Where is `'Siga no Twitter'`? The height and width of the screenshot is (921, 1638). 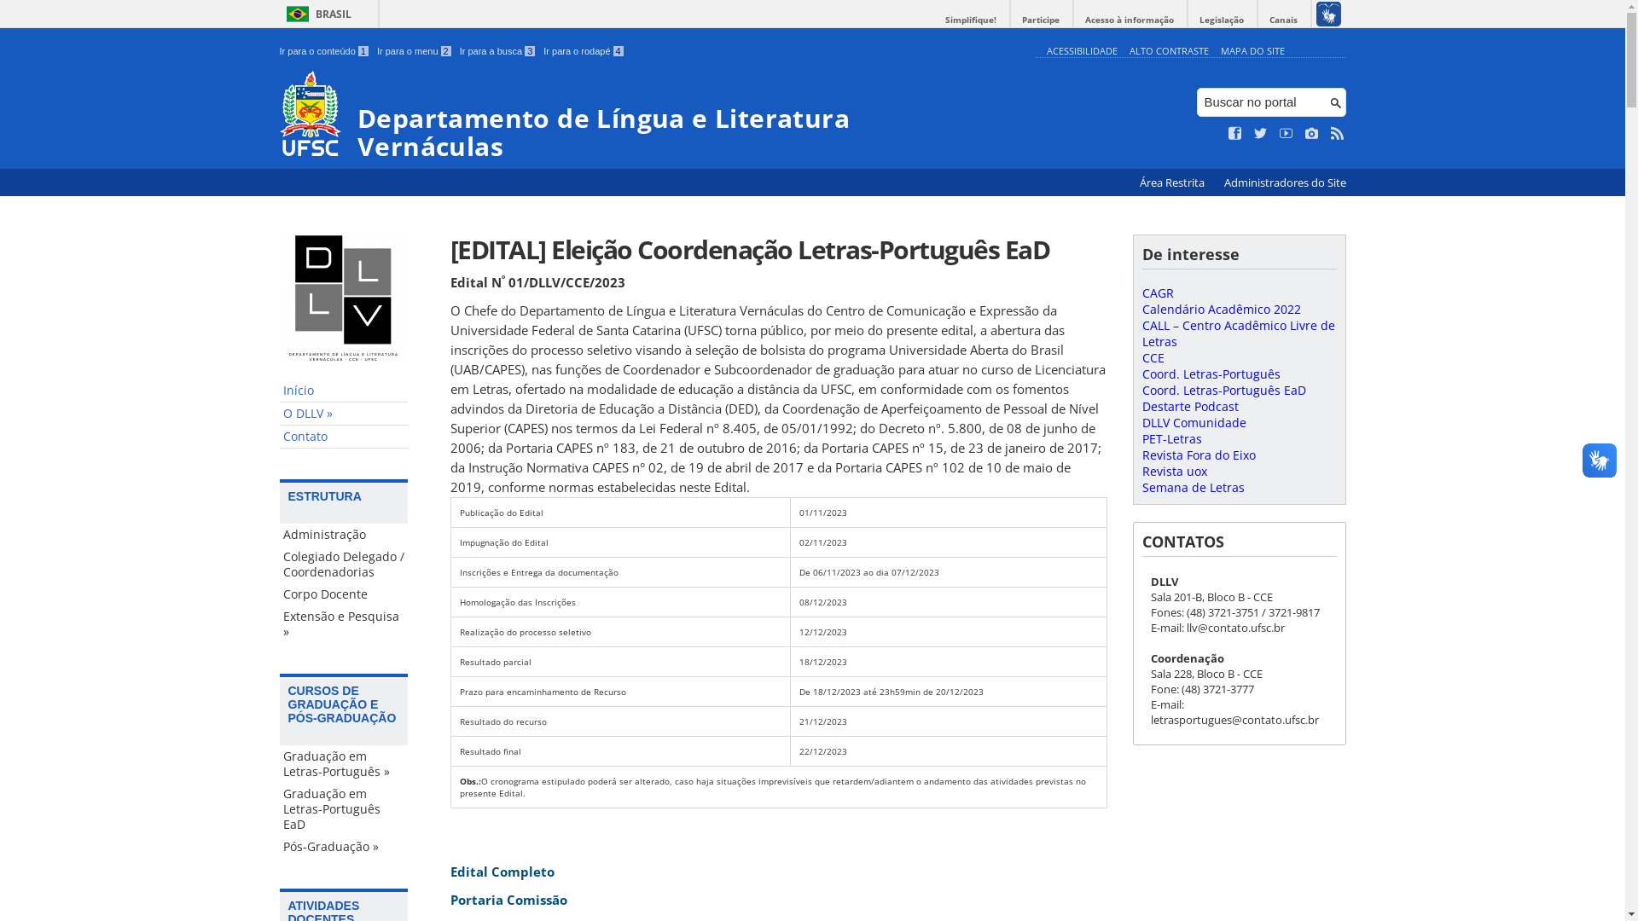 'Siga no Twitter' is located at coordinates (1261, 133).